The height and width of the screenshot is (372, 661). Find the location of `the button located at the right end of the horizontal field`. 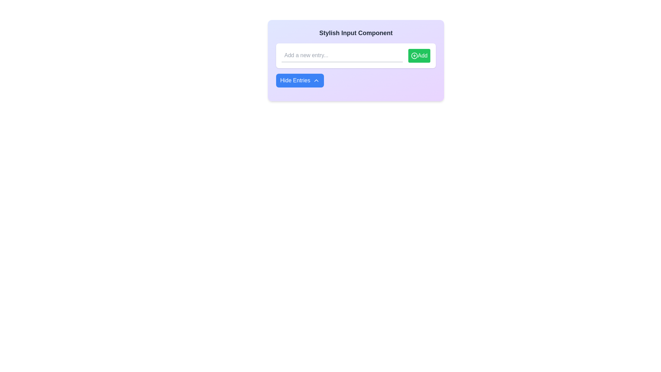

the button located at the right end of the horizontal field is located at coordinates (419, 55).